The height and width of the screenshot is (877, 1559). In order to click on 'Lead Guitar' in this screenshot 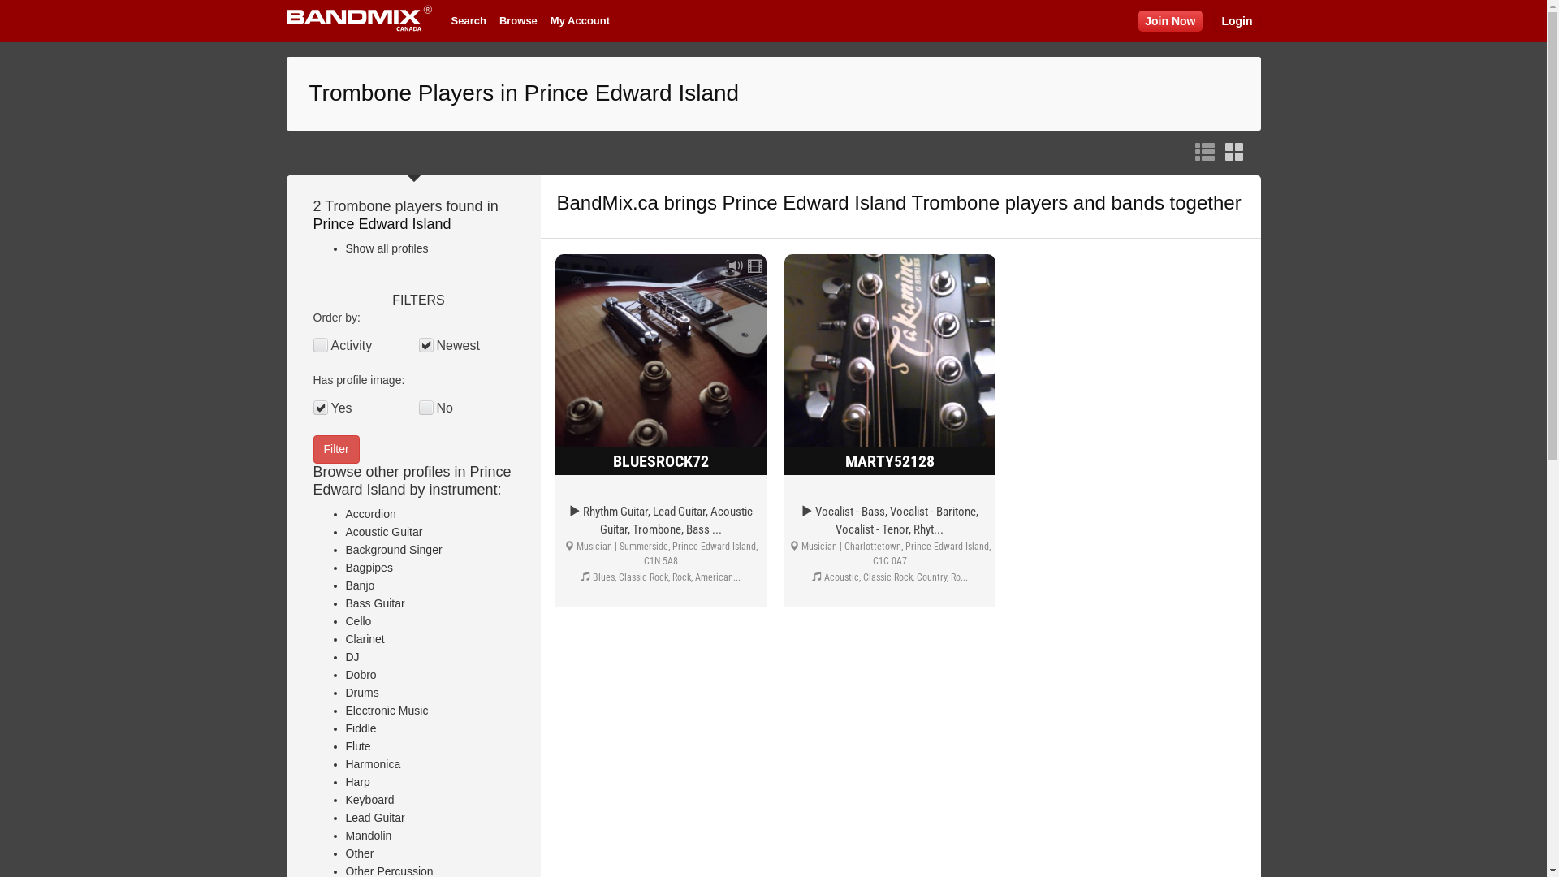, I will do `click(345, 817)`.